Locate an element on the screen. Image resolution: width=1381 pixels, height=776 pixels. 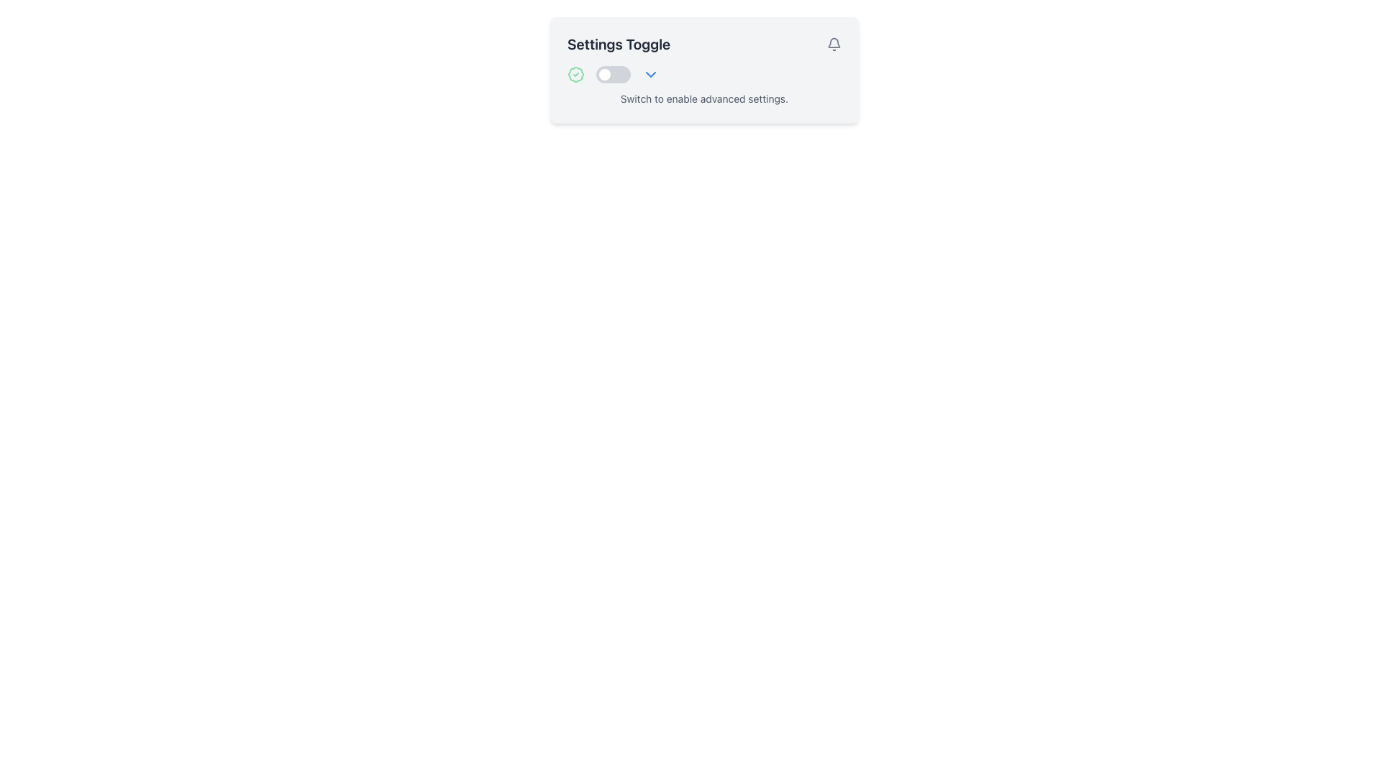
the knob of the toggle switch located in the top center area of the interface is located at coordinates (614, 75).